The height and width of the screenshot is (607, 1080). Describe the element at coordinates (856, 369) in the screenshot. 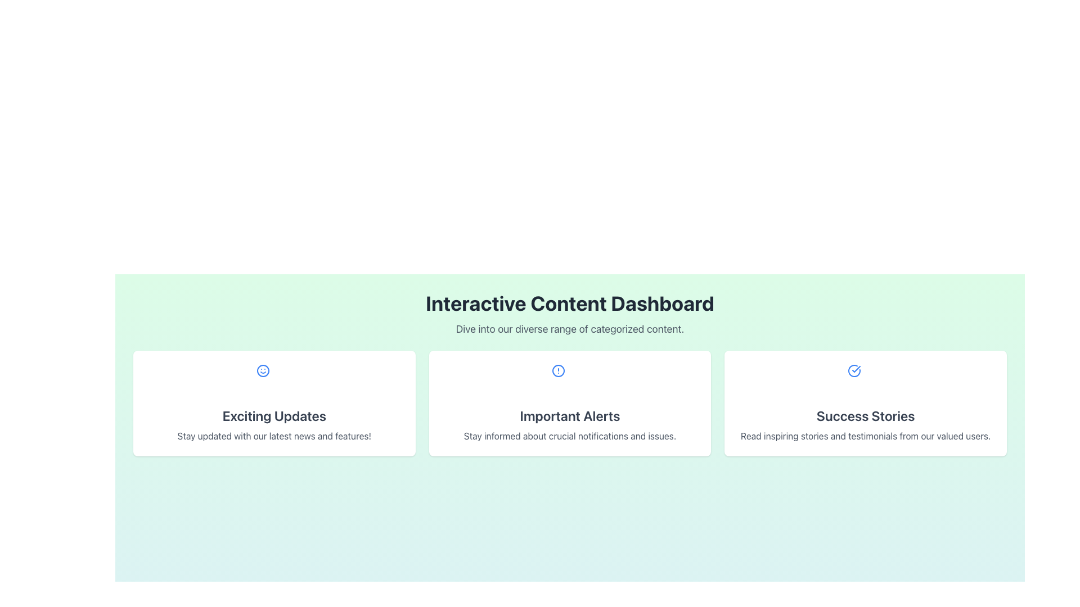

I see `the checkmark icon within the rightmost 'Success Stories' card, indicating successful completion or approval` at that location.